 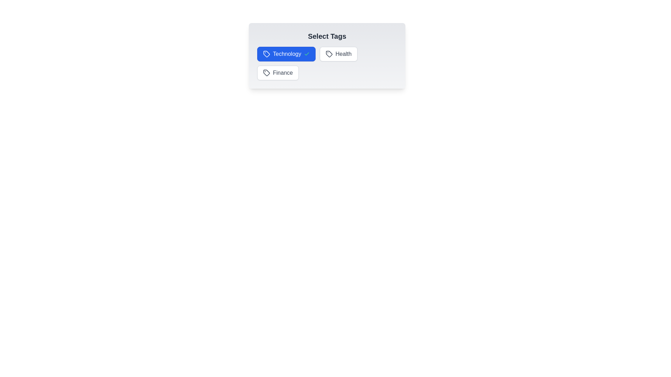 What do you see at coordinates (339, 53) in the screenshot?
I see `the tag Health to toggle its selection` at bounding box center [339, 53].